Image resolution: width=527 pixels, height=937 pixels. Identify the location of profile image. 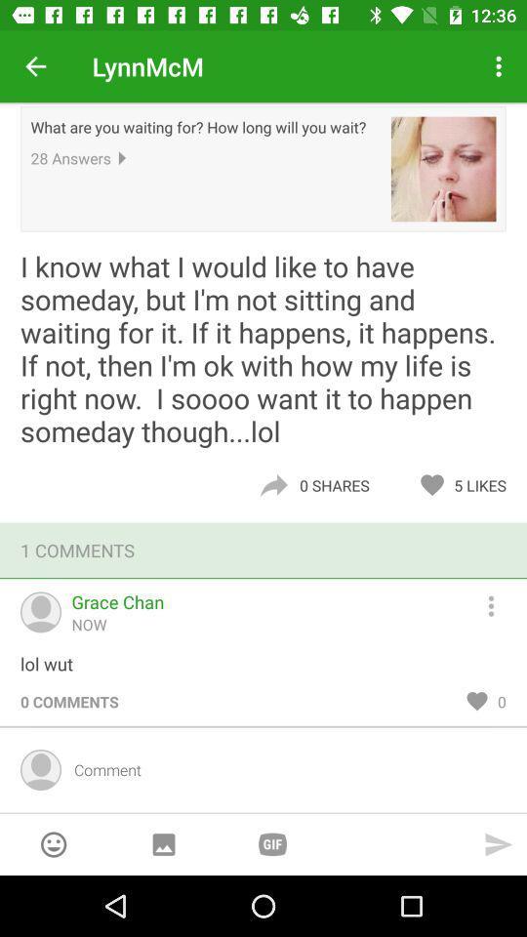
(443, 168).